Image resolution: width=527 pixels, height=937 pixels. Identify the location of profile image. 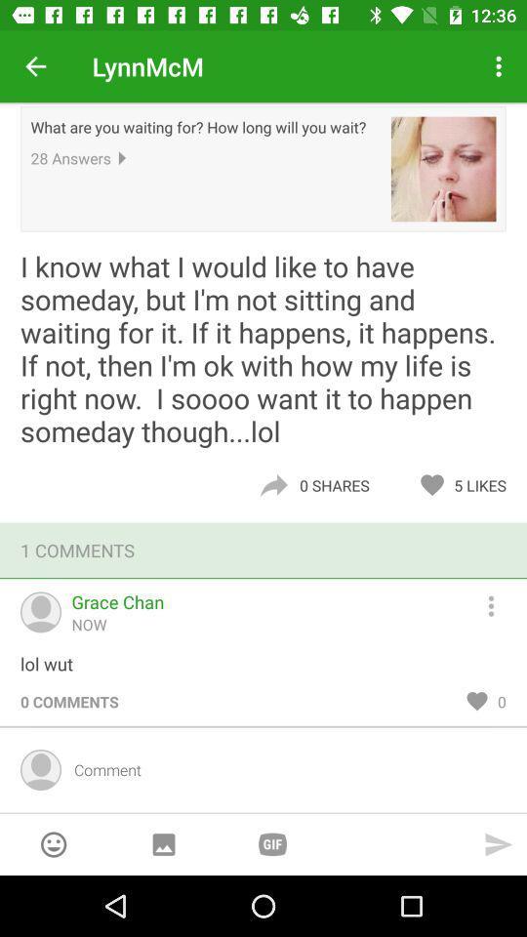
(443, 168).